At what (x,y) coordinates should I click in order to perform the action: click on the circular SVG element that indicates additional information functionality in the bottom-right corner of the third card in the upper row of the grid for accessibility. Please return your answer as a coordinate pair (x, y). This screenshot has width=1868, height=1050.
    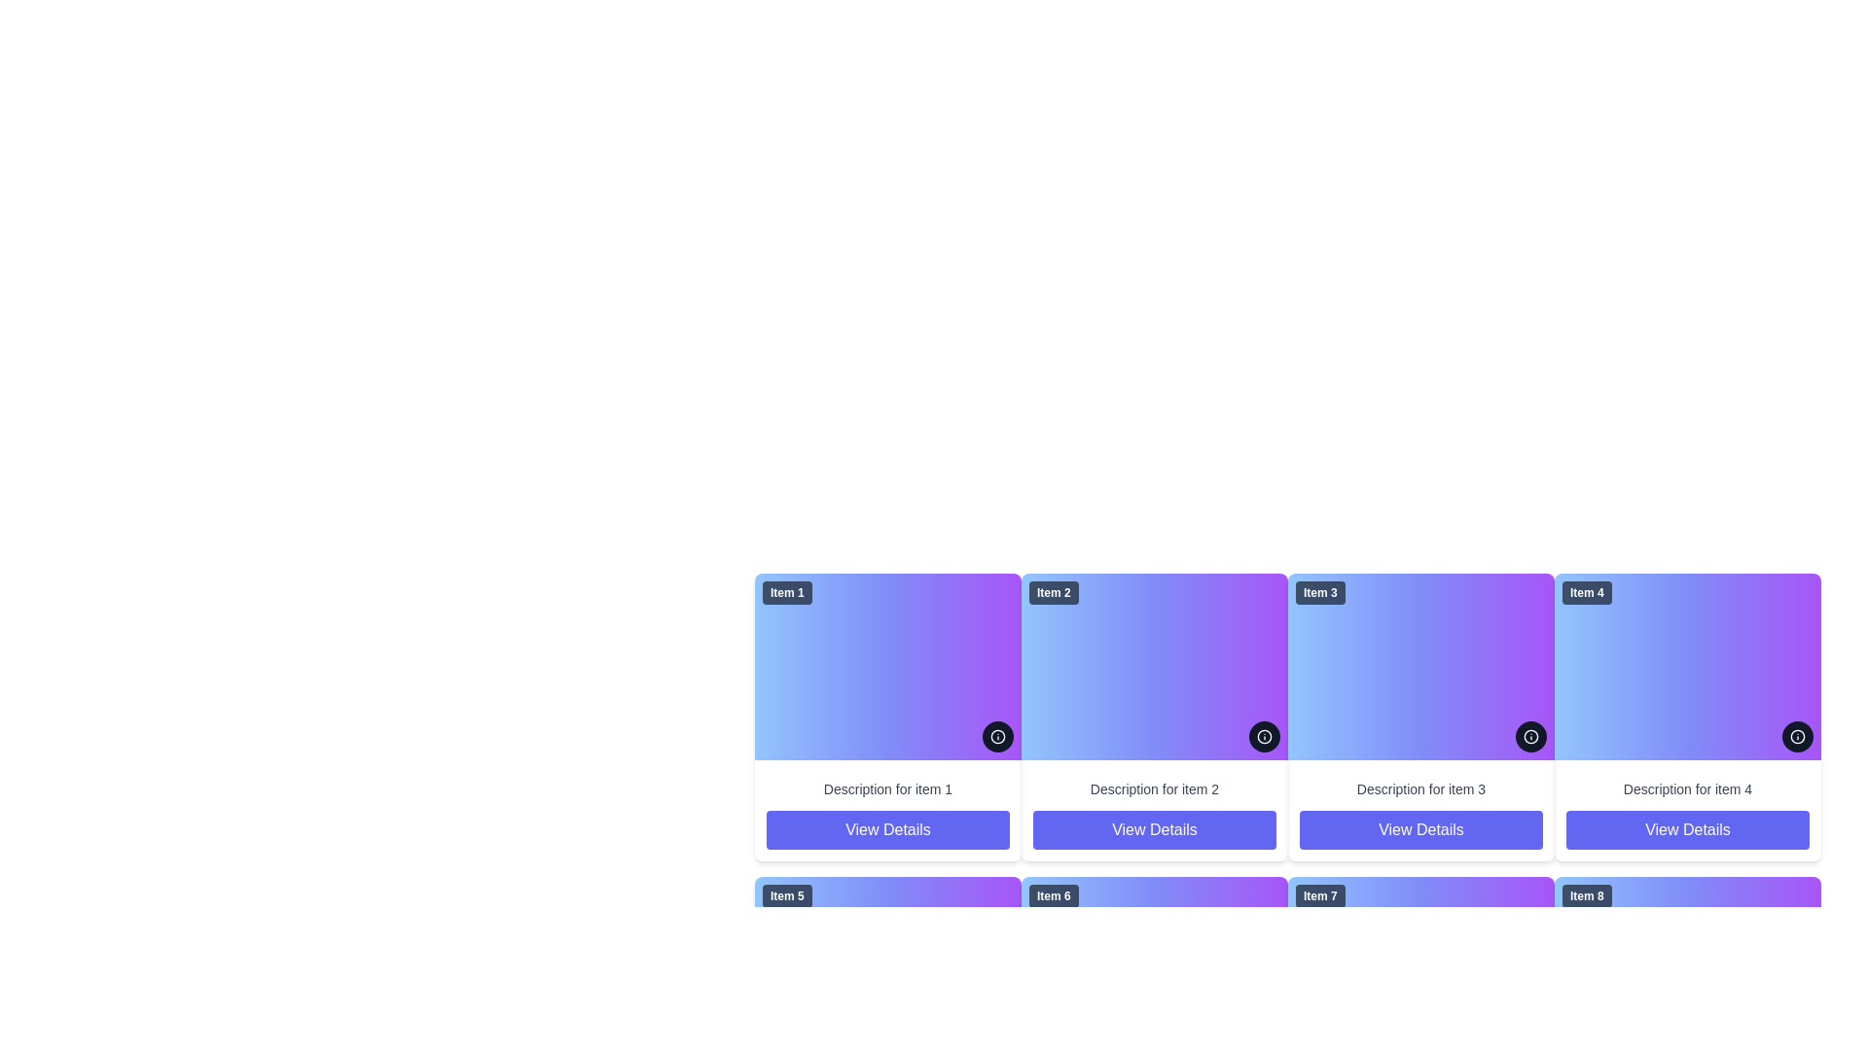
    Looking at the image, I should click on (1530, 737).